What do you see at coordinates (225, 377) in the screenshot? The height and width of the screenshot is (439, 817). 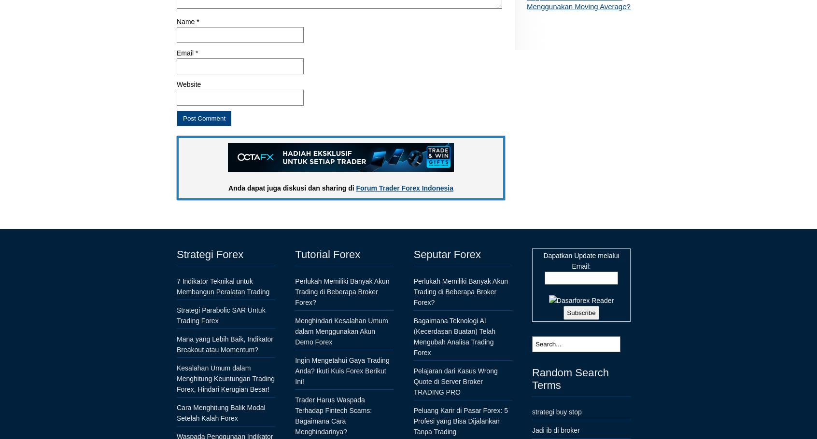 I see `'Kesalahan Umum dalam Menghitung Keuntungan Trading Forex, Hindari Kerugian Besar!'` at bounding box center [225, 377].